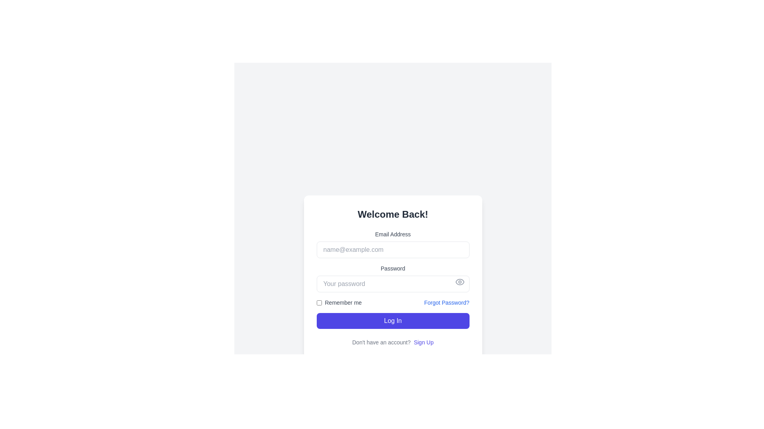 Image resolution: width=764 pixels, height=429 pixels. Describe the element at coordinates (446, 303) in the screenshot. I see `the clickable text link 'Forgot Password?' located at the bottom right of the section` at that location.